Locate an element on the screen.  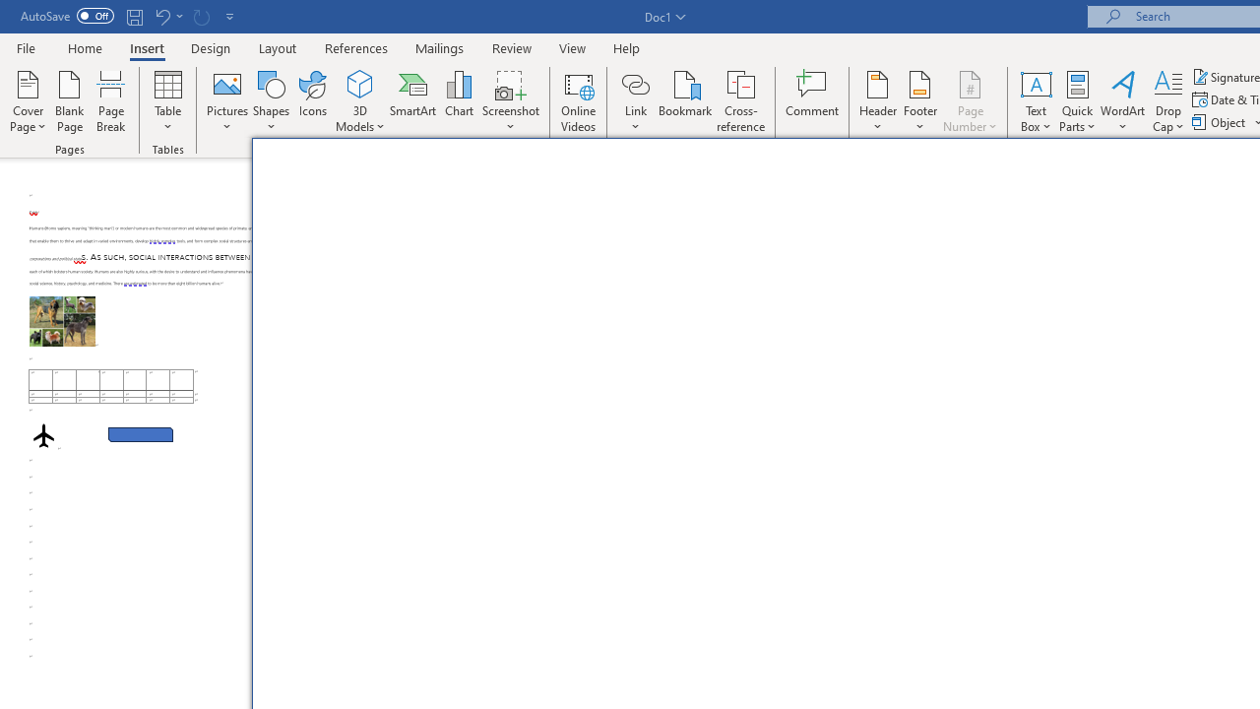
'Table' is located at coordinates (167, 101).